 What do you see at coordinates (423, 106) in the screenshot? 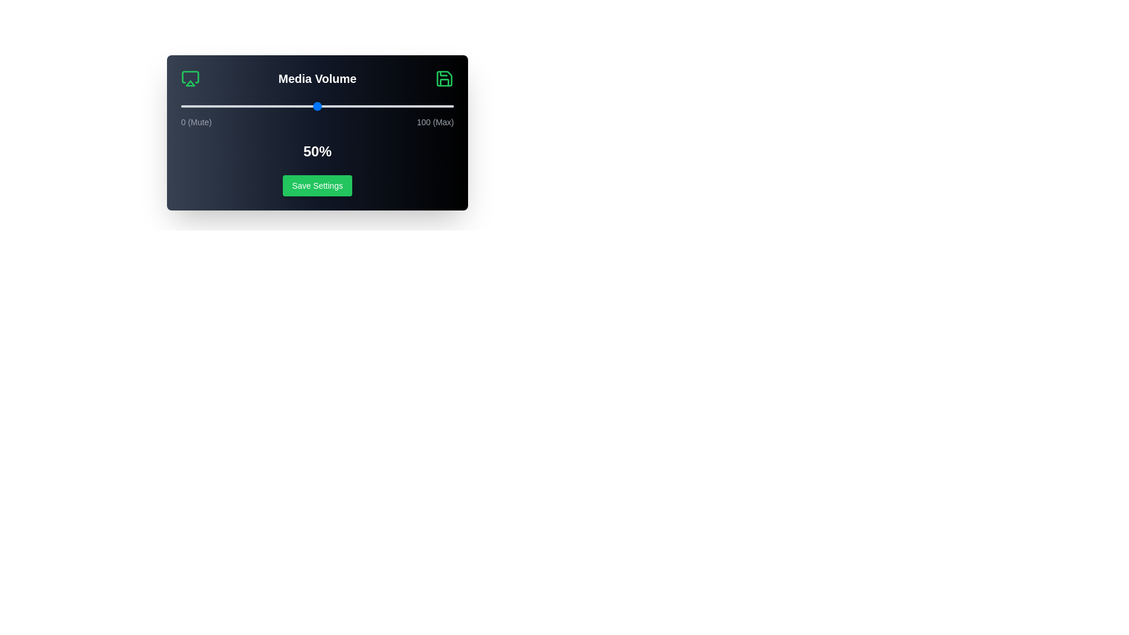
I see `the volume slider to 89%` at bounding box center [423, 106].